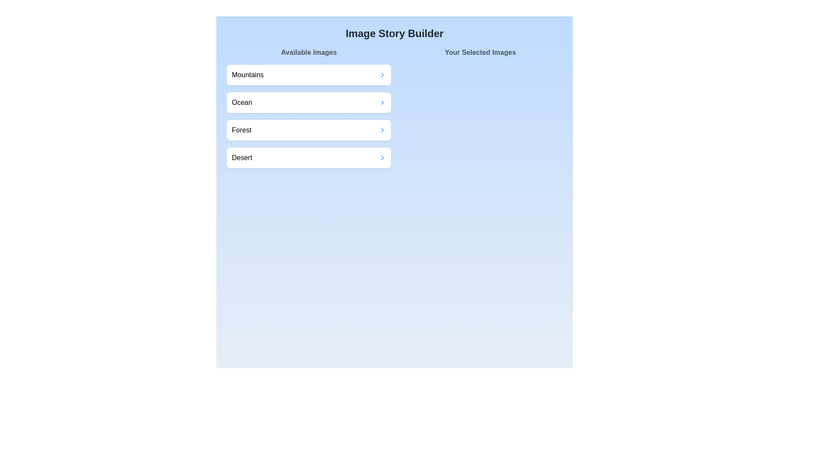  What do you see at coordinates (480, 53) in the screenshot?
I see `the heading Your Selected Images` at bounding box center [480, 53].